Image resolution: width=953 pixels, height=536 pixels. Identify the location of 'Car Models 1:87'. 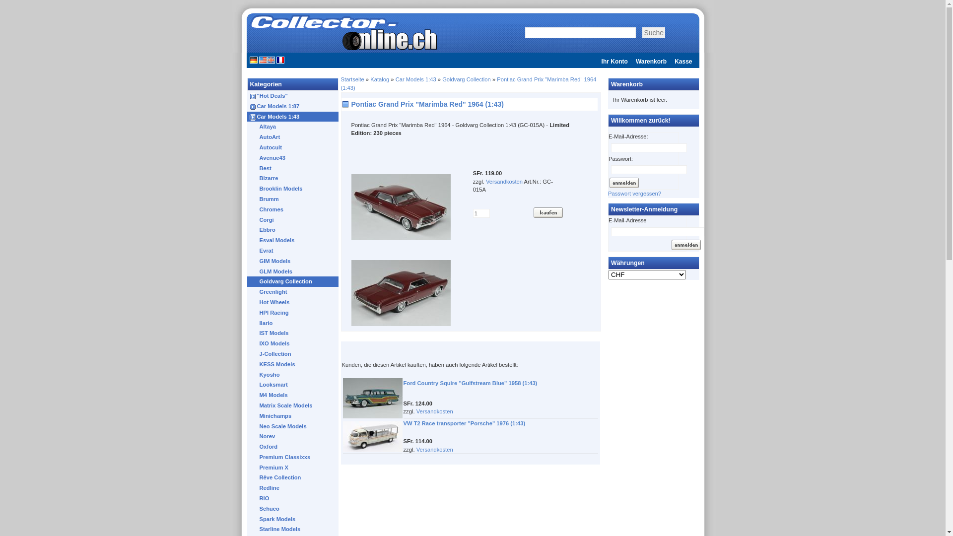
(295, 106).